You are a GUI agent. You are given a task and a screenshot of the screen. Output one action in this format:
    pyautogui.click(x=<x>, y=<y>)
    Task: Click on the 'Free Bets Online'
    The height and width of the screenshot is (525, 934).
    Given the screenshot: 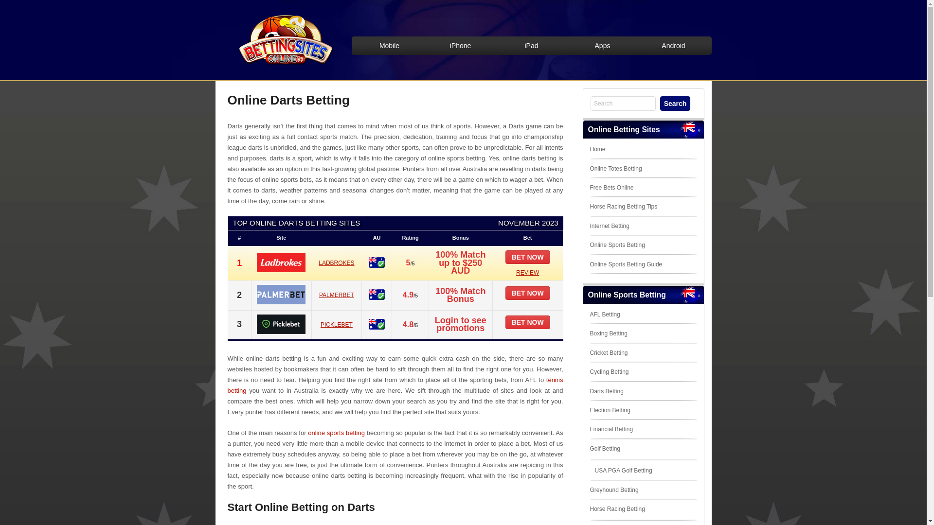 What is the action you would take?
    pyautogui.click(x=611, y=187)
    